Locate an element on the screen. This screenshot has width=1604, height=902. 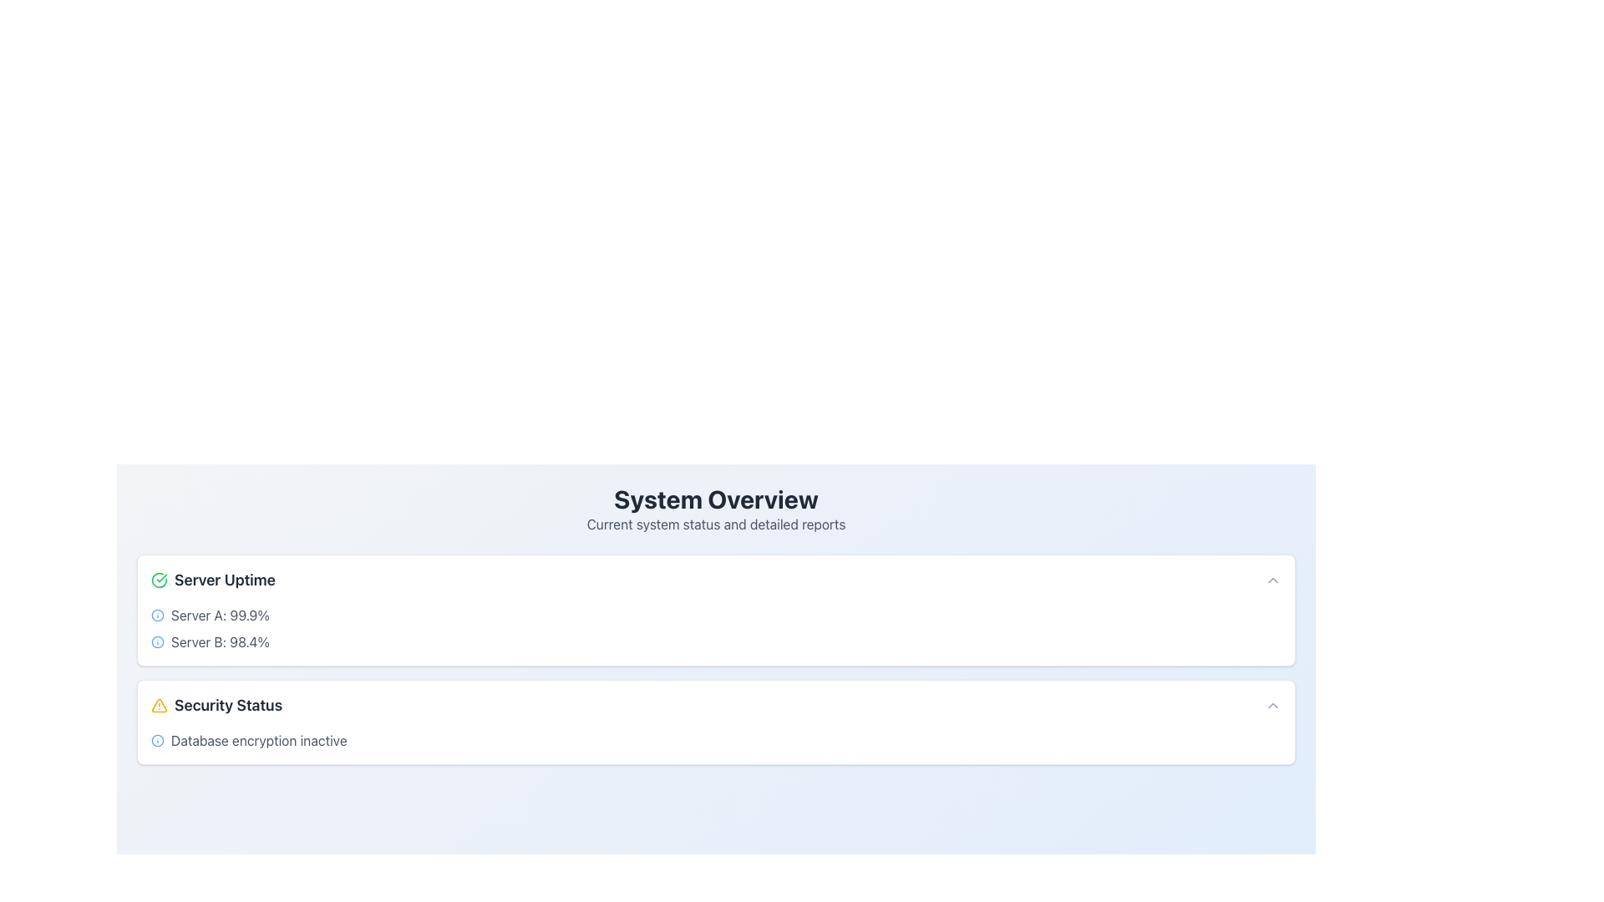
the Label or Section Header with Icon that provides the current security status of the system, located beneath the 'Server Uptime' section is located at coordinates (216, 705).